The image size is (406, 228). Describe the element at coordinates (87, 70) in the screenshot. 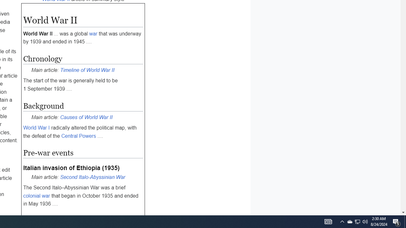

I see `'Timeline of World War II'` at that location.